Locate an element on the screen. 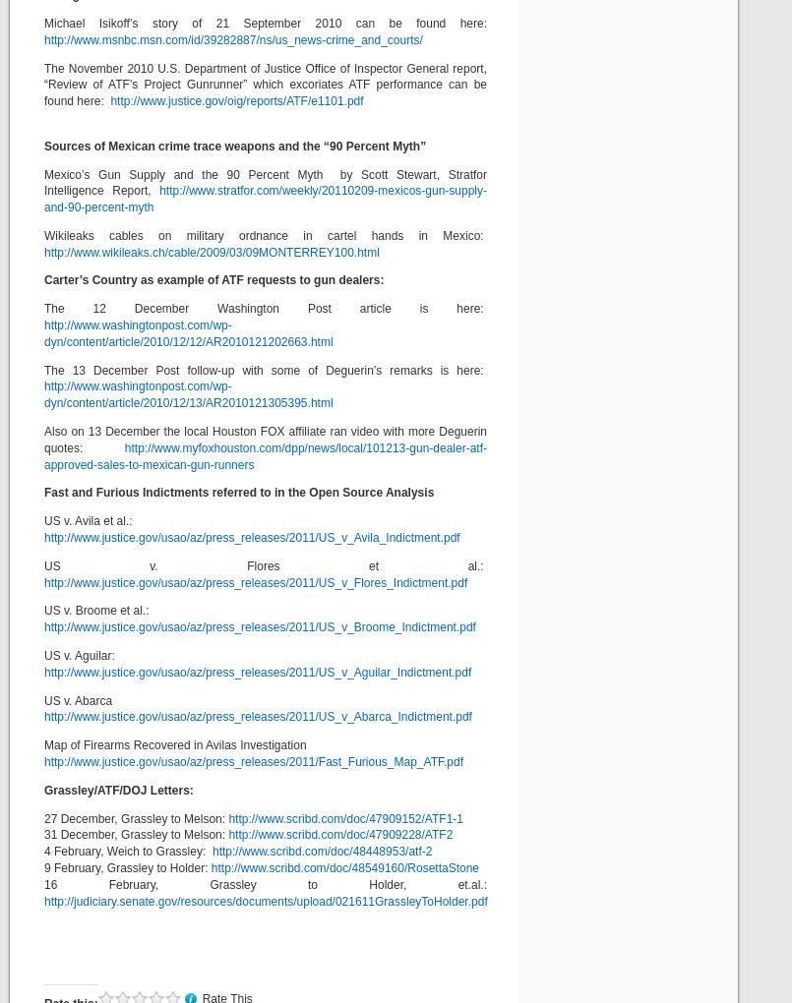 The width and height of the screenshot is (792, 1003). 'Also on 13 December the local Houston FOX affiliate ran video with  more Deguerin quotes:' is located at coordinates (265, 438).